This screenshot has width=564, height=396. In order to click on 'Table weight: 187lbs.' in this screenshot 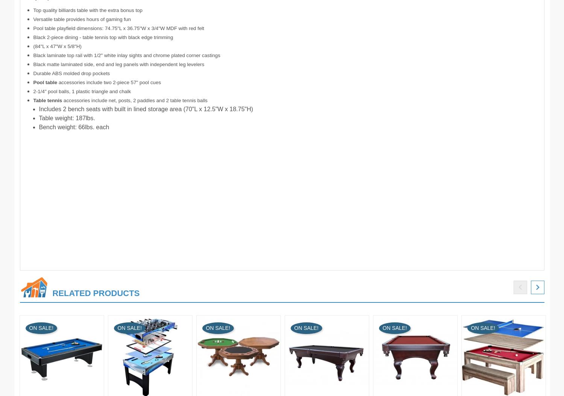, I will do `click(38, 118)`.